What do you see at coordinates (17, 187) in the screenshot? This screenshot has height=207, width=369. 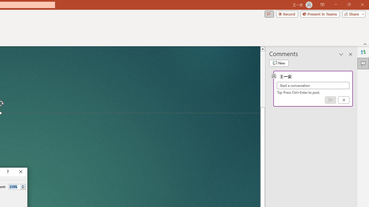 I see `'Percent'` at bounding box center [17, 187].